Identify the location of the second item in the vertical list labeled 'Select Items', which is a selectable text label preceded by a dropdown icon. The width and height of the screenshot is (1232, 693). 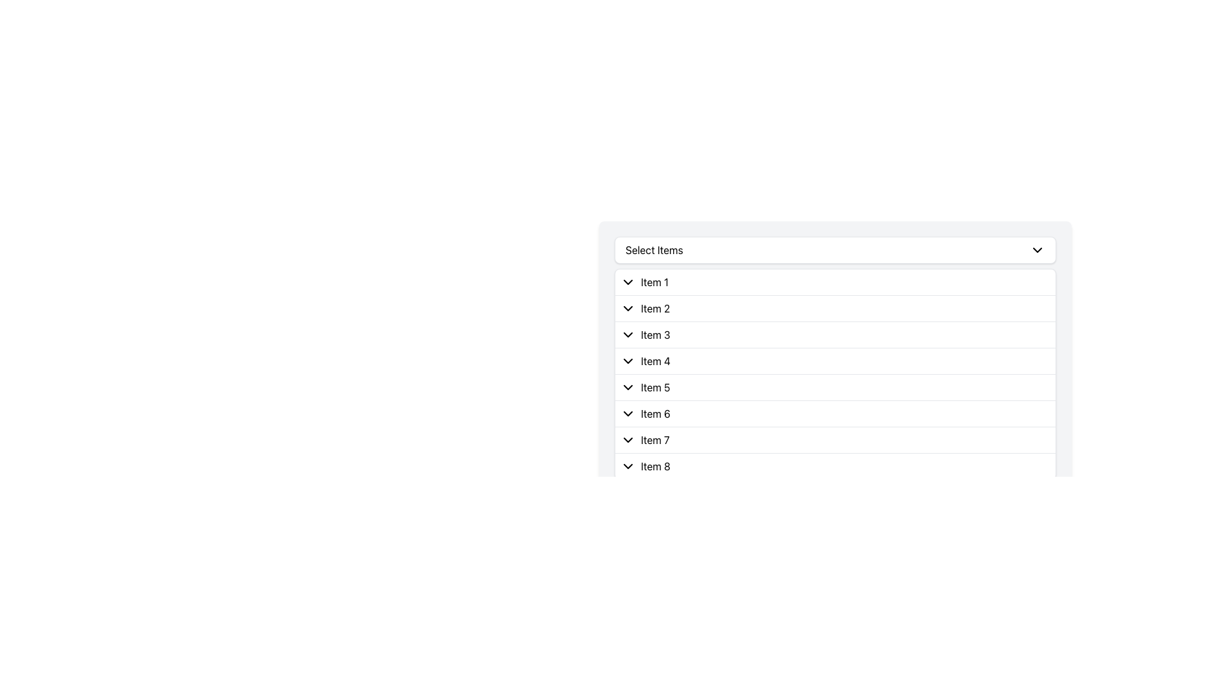
(655, 309).